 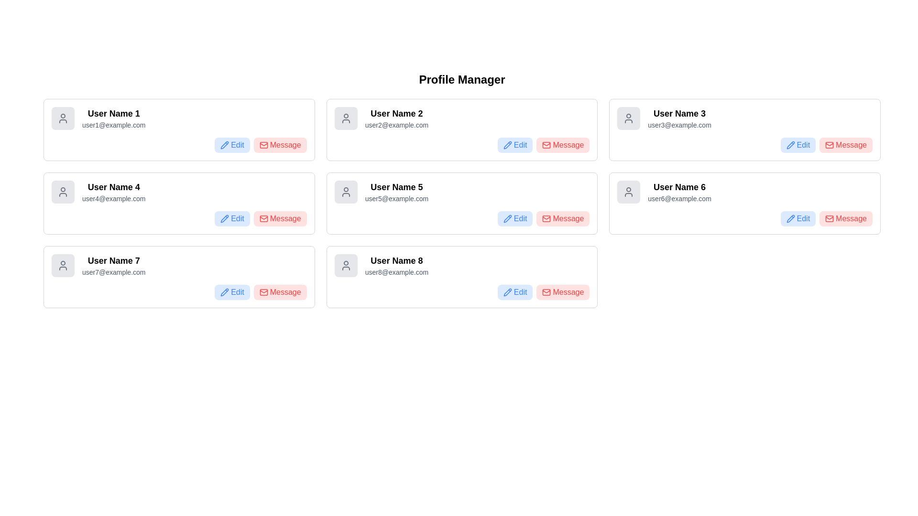 I want to click on the 'Message' text label styled in red color within the rounded rectangular button located in the user profile card for 'User Name 6', positioned next to the blue 'Edit' button, so click(x=851, y=219).